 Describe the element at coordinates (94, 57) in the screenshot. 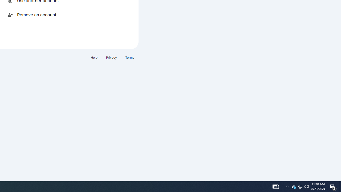

I see `'Help'` at that location.